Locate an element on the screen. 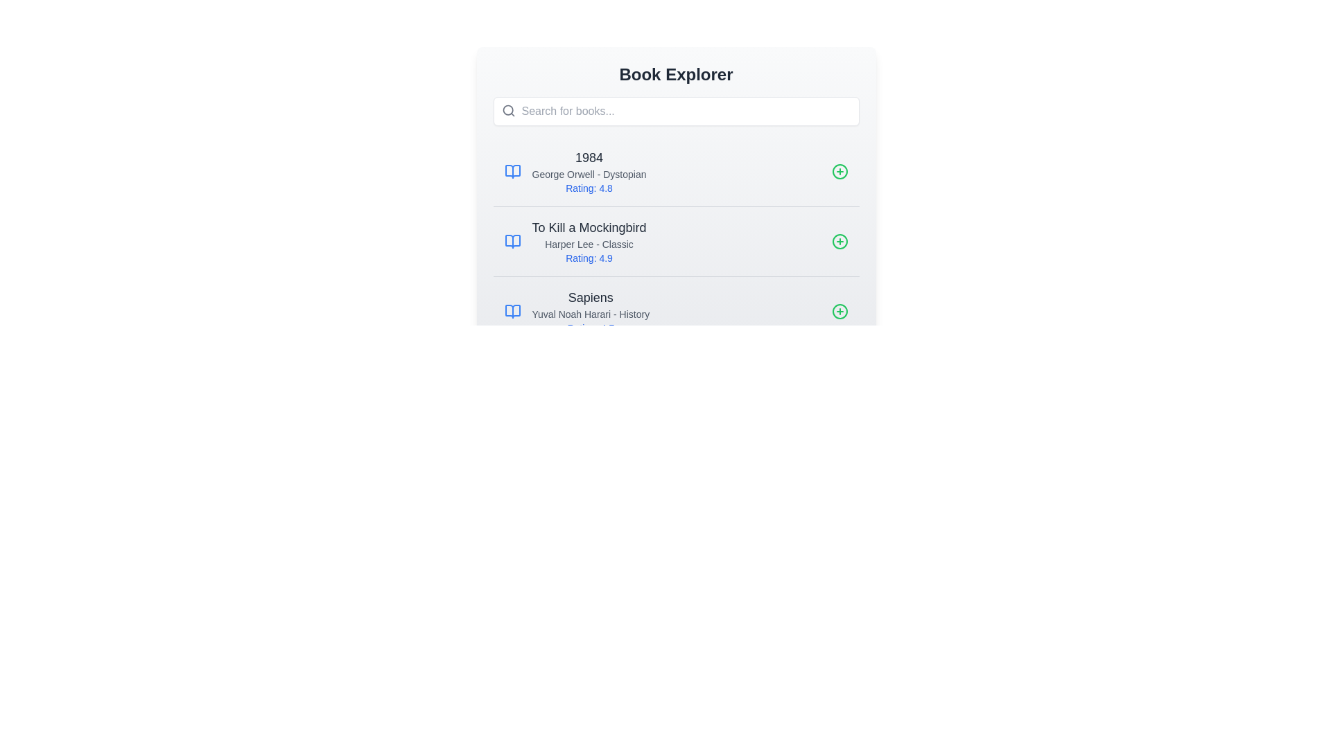  the circular plus icon with a green stroke located at the far right of the row displaying the book '1984' by George Orwell is located at coordinates (839, 170).